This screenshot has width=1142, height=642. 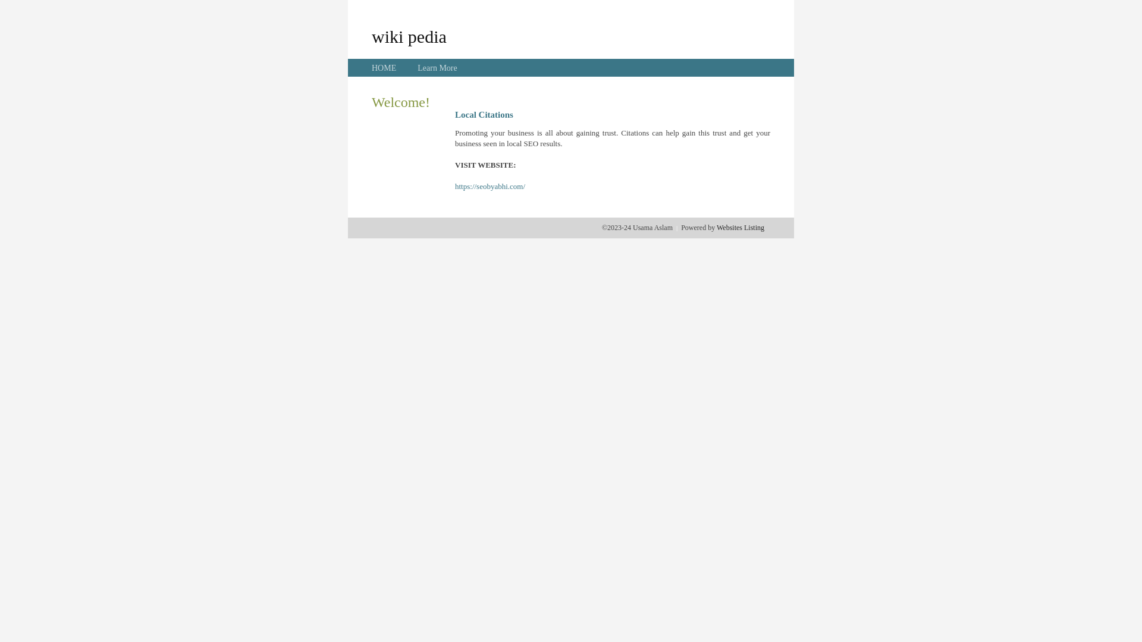 I want to click on 'Learn More', so click(x=436, y=68).